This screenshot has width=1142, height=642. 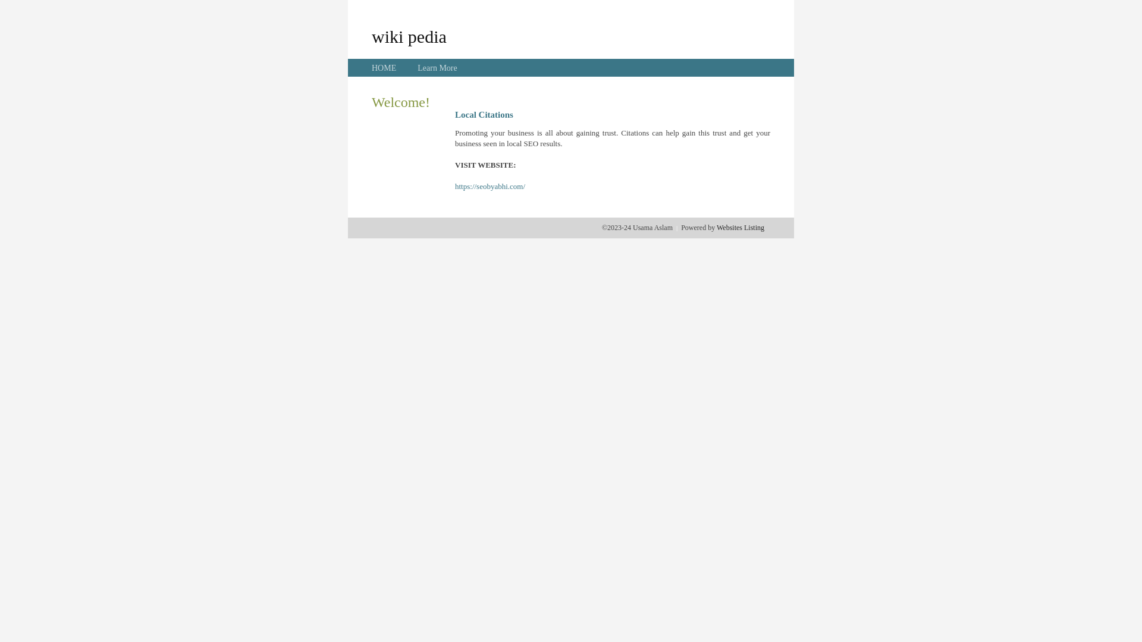 I want to click on 'Learn More', so click(x=436, y=68).